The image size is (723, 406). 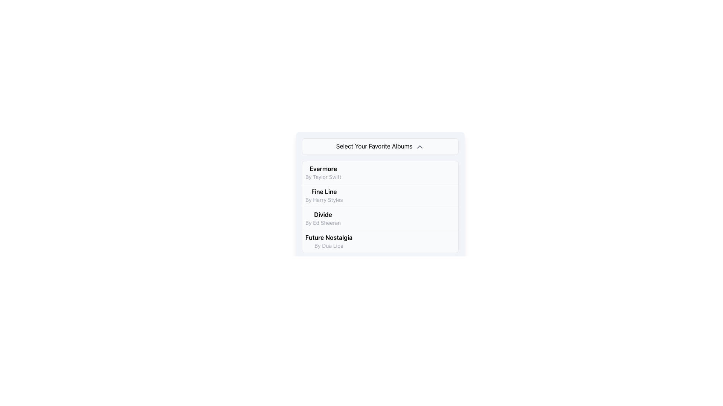 What do you see at coordinates (380, 146) in the screenshot?
I see `the rectangular UI component displaying the text 'Select Your Favorite Albums' with a chevron icon` at bounding box center [380, 146].